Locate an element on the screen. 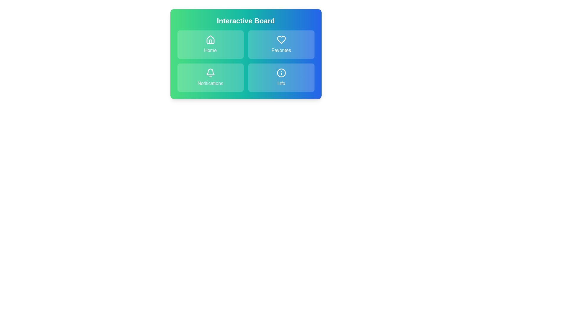 The width and height of the screenshot is (567, 319). the circular icon with an outlined border and an 'i' symbol in the center, located in the bottom-right corner of a 2x2 grid within the 'Interactive Board' card is located at coordinates (281, 72).